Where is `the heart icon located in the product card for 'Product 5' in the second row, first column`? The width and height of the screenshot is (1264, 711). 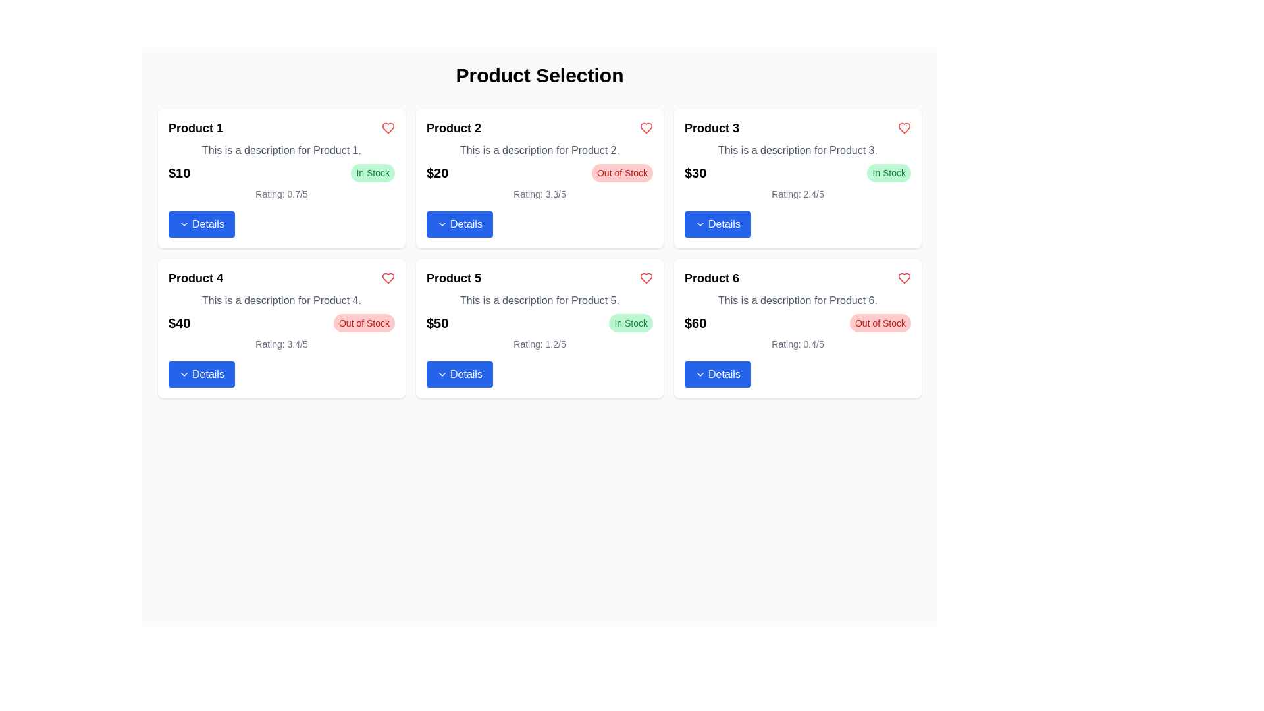 the heart icon located in the product card for 'Product 5' in the second row, first column is located at coordinates (646, 278).